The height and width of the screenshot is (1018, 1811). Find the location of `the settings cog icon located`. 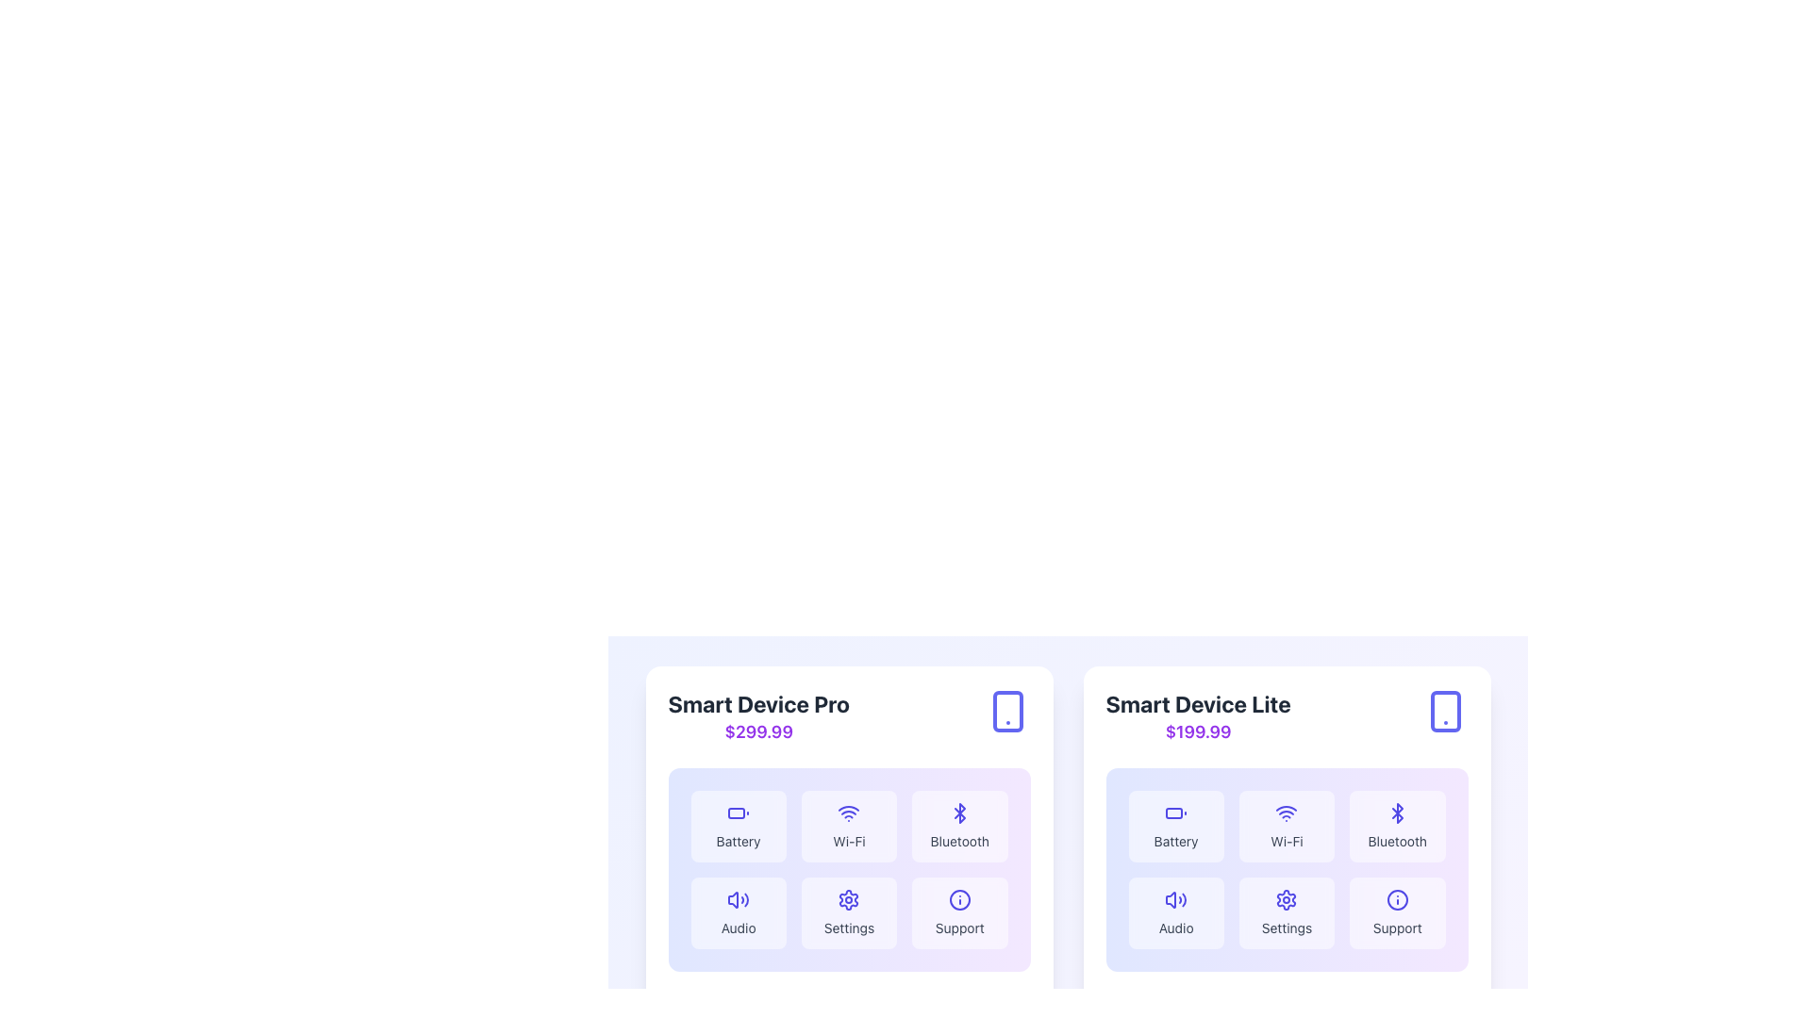

the settings cog icon located is located at coordinates (1286, 899).